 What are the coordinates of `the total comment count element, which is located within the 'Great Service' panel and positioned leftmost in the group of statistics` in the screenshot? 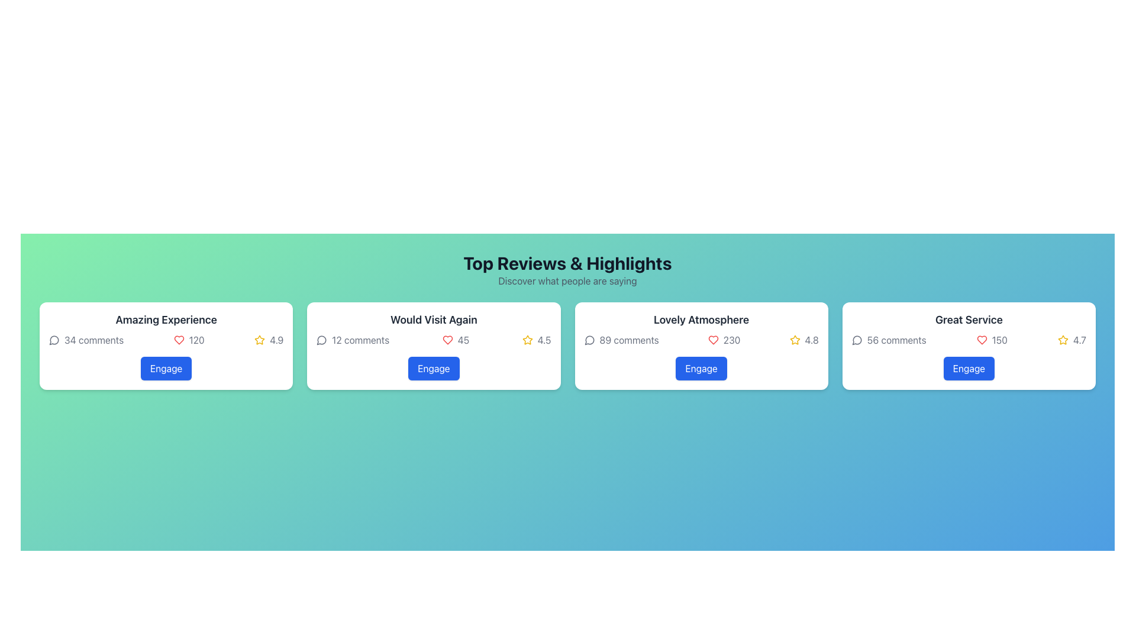 It's located at (889, 340).